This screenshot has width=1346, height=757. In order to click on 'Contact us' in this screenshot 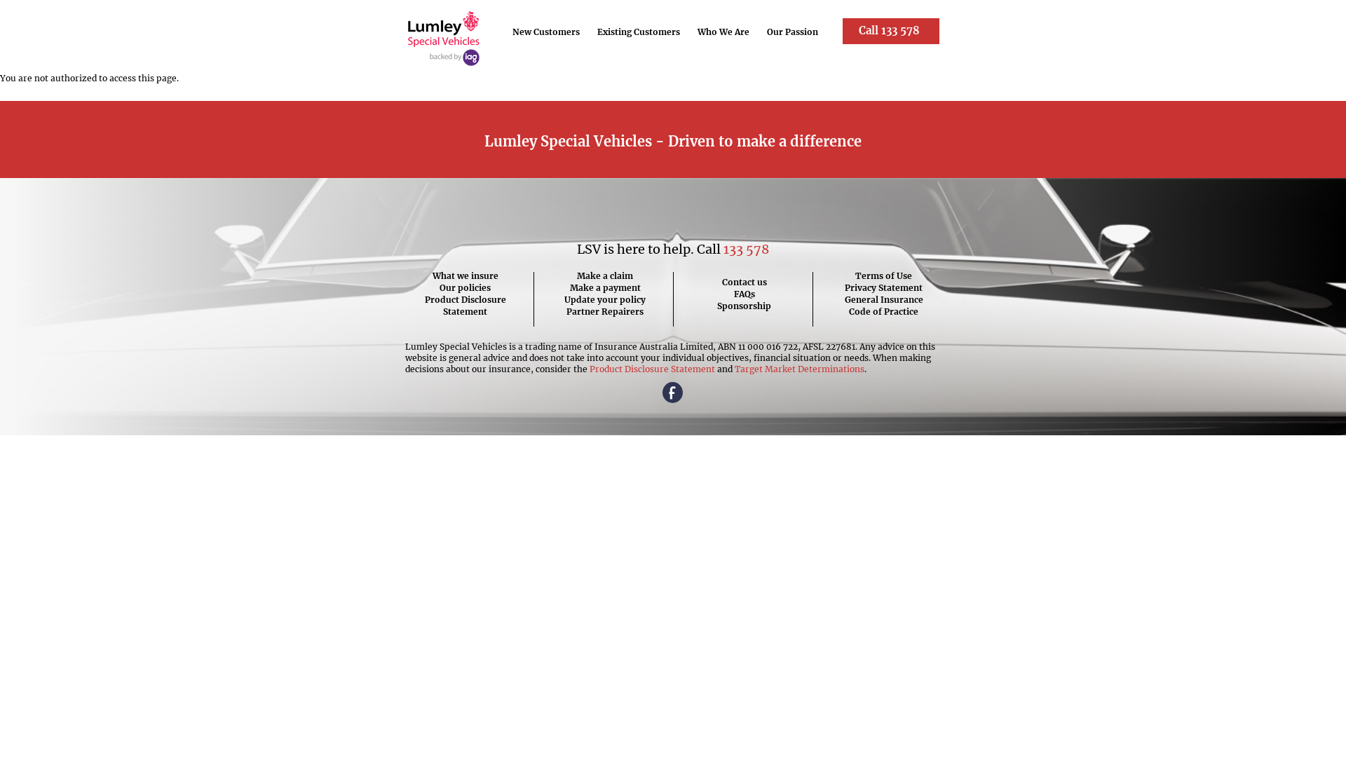, I will do `click(743, 282)`.